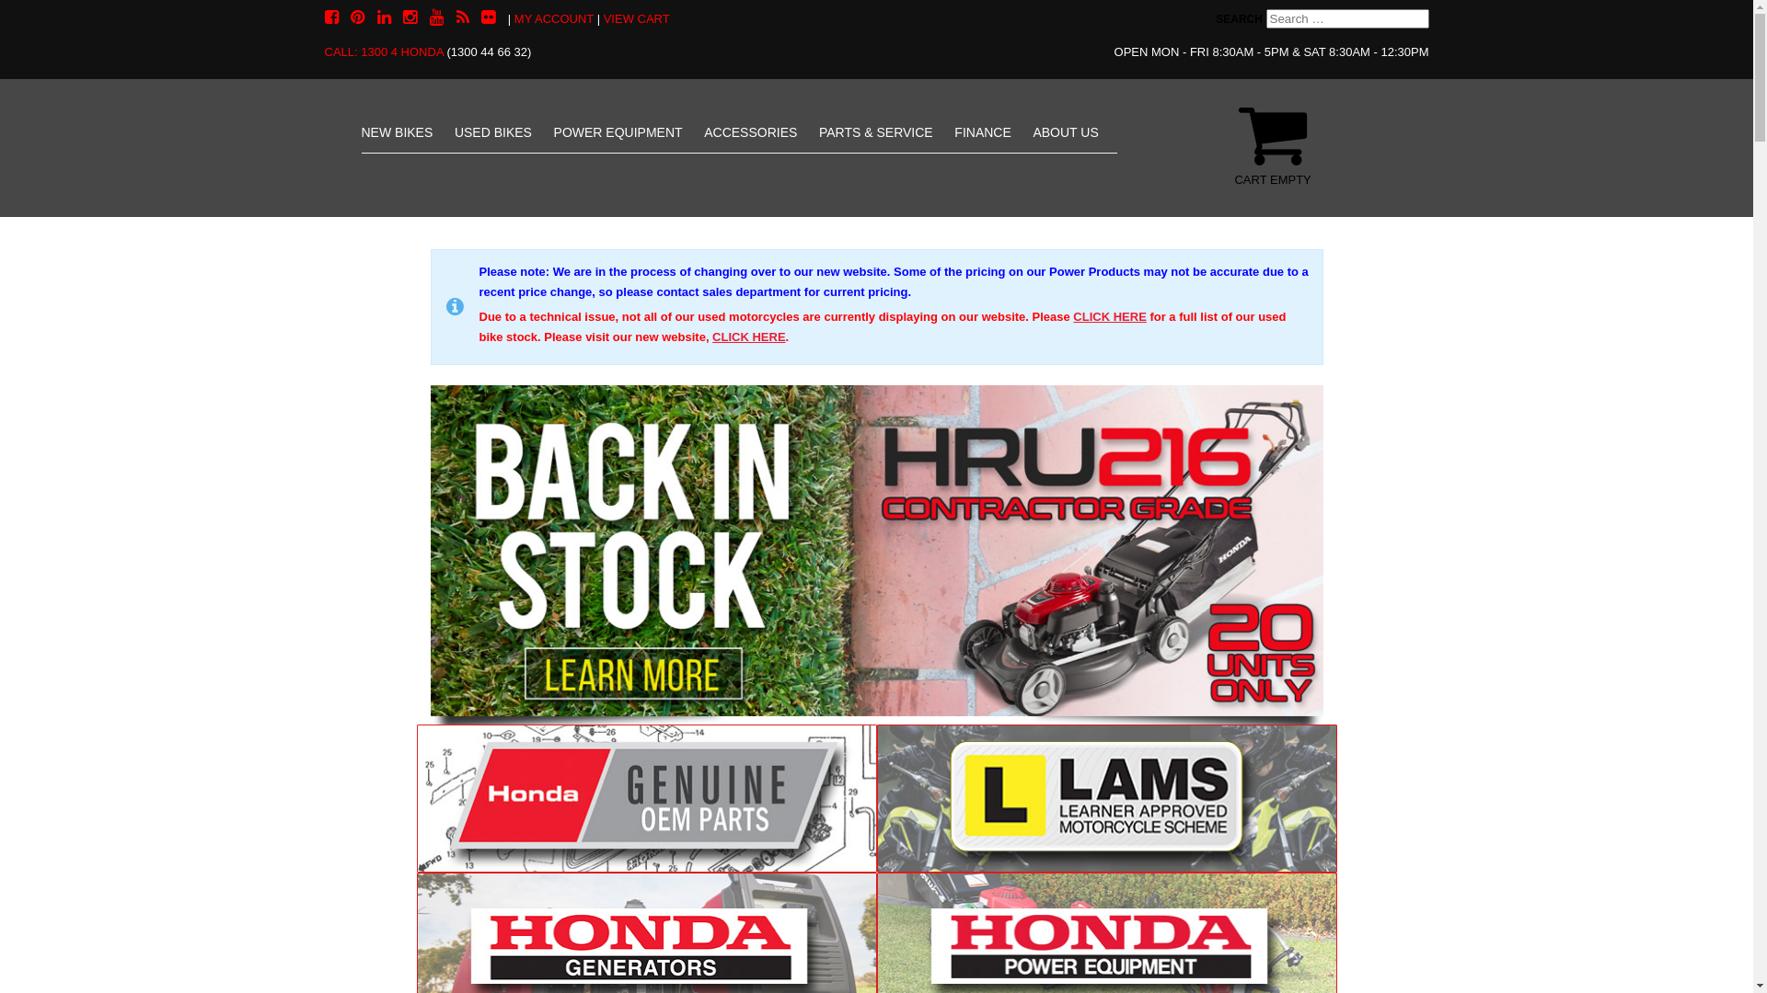  I want to click on 'MY ACCOUNT', so click(552, 18).